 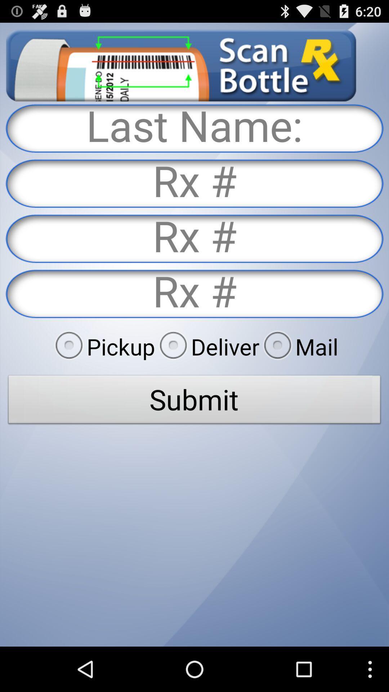 What do you see at coordinates (207, 346) in the screenshot?
I see `the icon to the right of the pickup radio button` at bounding box center [207, 346].